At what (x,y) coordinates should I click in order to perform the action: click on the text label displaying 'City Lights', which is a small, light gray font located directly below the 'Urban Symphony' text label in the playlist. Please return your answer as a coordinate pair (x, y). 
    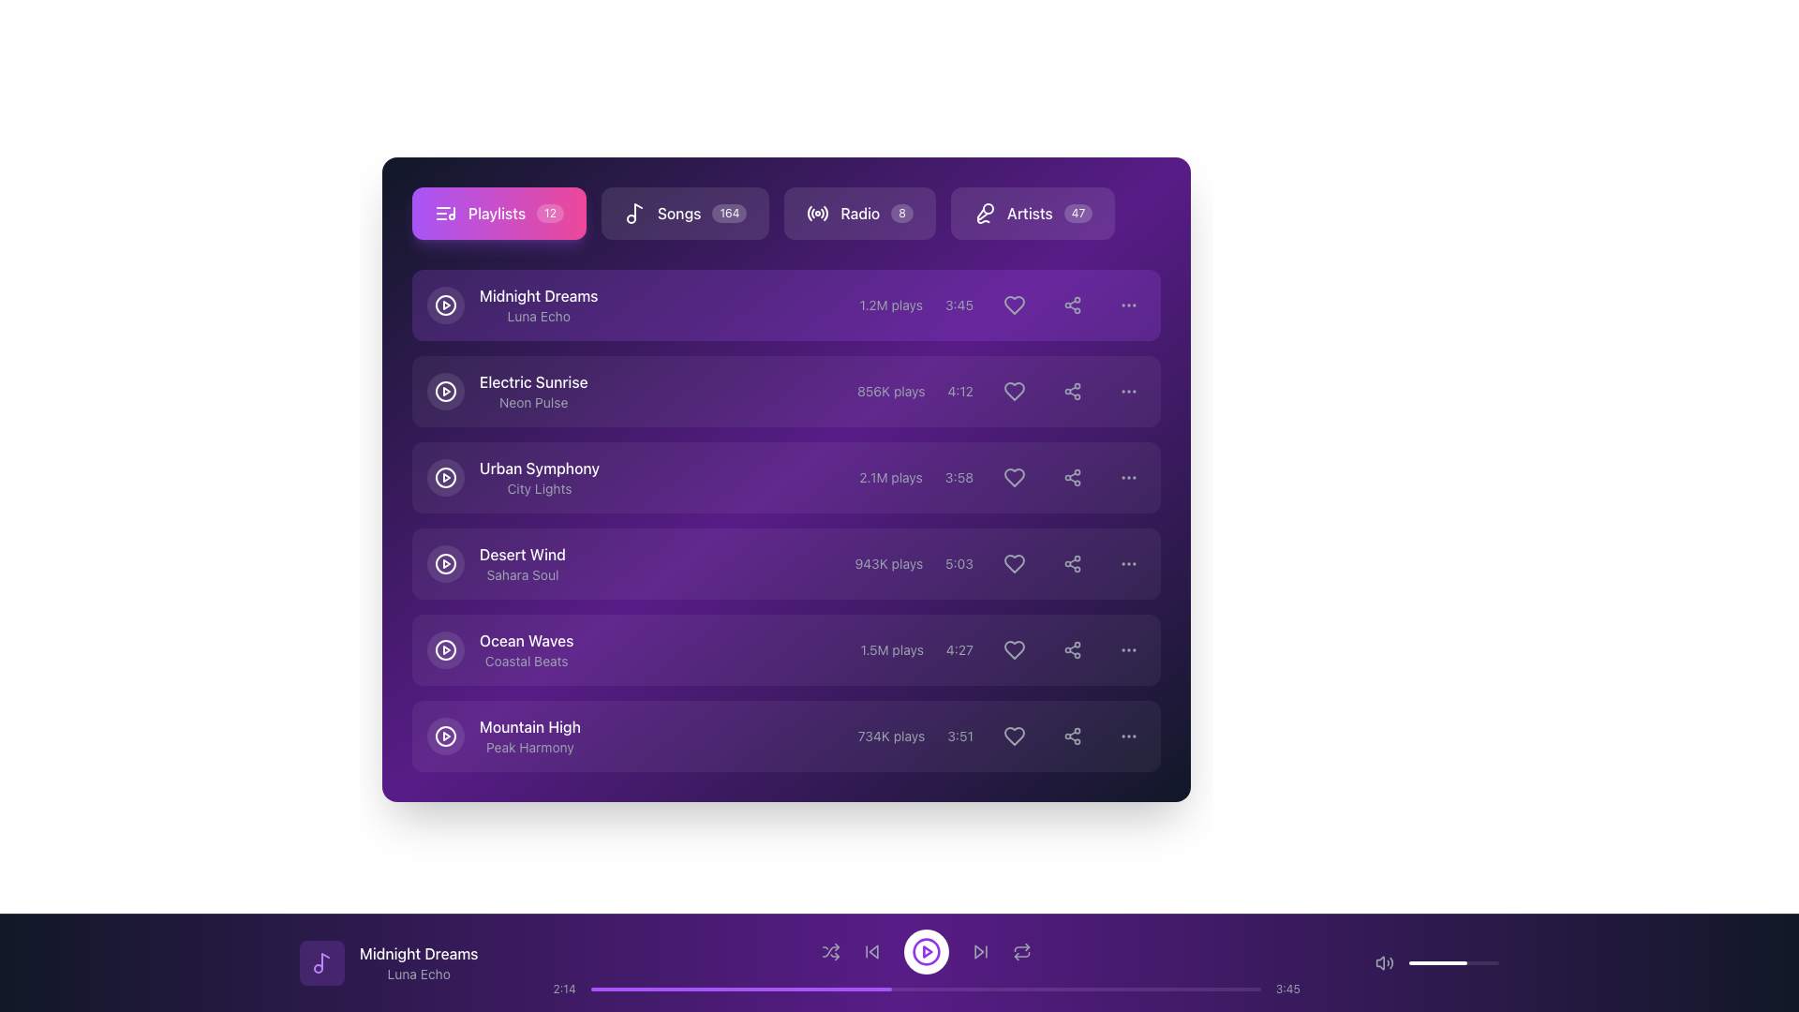
    Looking at the image, I should click on (539, 487).